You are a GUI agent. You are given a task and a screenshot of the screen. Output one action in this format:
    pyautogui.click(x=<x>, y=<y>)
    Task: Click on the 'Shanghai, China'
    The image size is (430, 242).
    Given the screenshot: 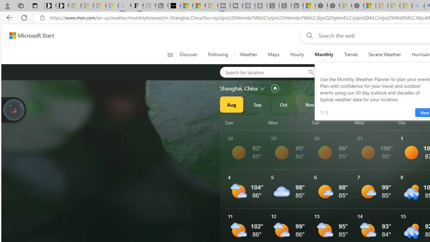 What is the action you would take?
    pyautogui.click(x=239, y=88)
    